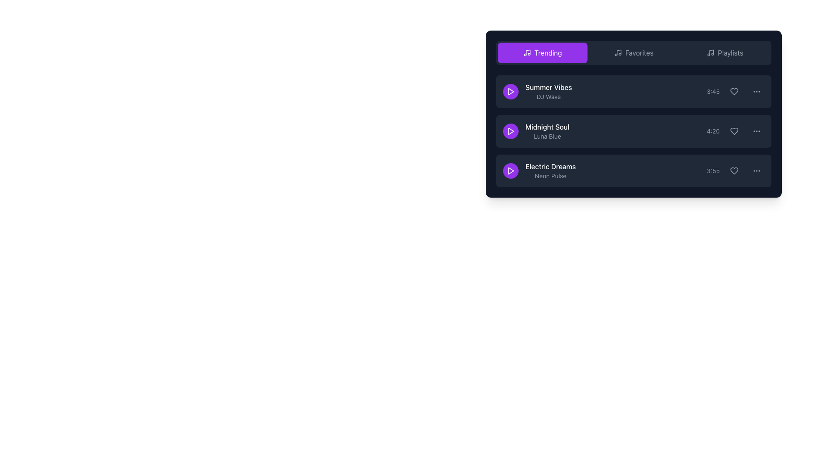 The width and height of the screenshot is (827, 465). What do you see at coordinates (542, 53) in the screenshot?
I see `the navigation button labeled 'Trending' located at the top left of the navigation menu` at bounding box center [542, 53].